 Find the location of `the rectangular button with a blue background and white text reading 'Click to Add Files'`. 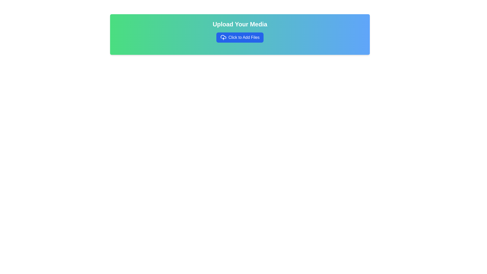

the rectangular button with a blue background and white text reading 'Click to Add Files' is located at coordinates (239, 37).